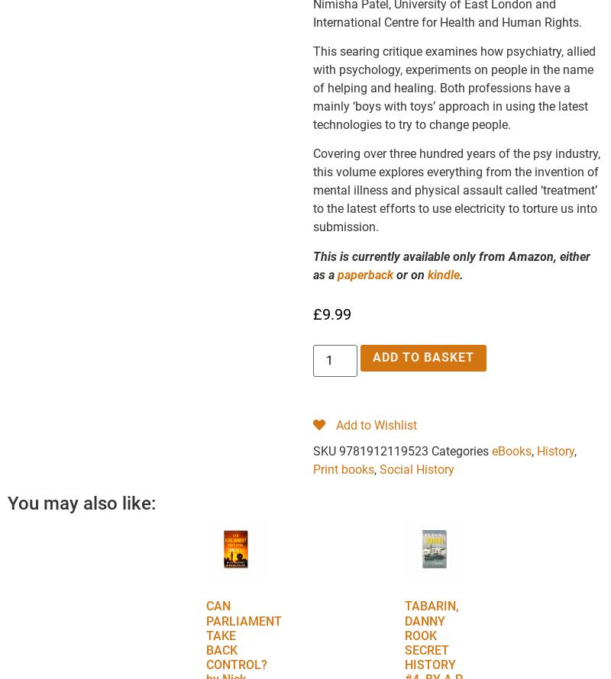 This screenshot has height=679, width=611. I want to click on 'Print books', so click(312, 468).